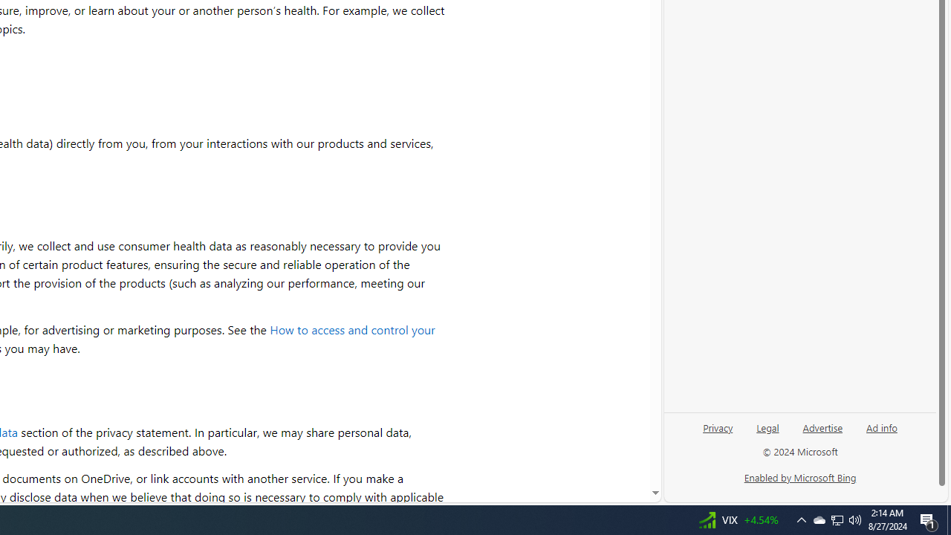  I want to click on 'Privacy', so click(718, 433).